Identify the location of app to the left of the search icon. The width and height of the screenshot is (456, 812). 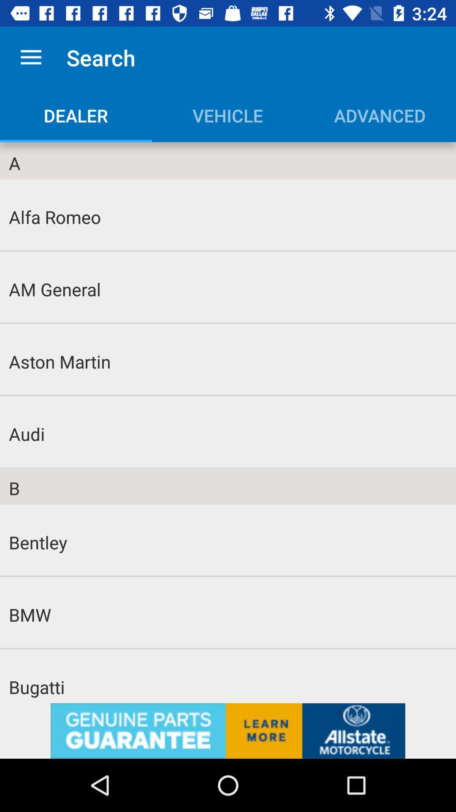
(30, 57).